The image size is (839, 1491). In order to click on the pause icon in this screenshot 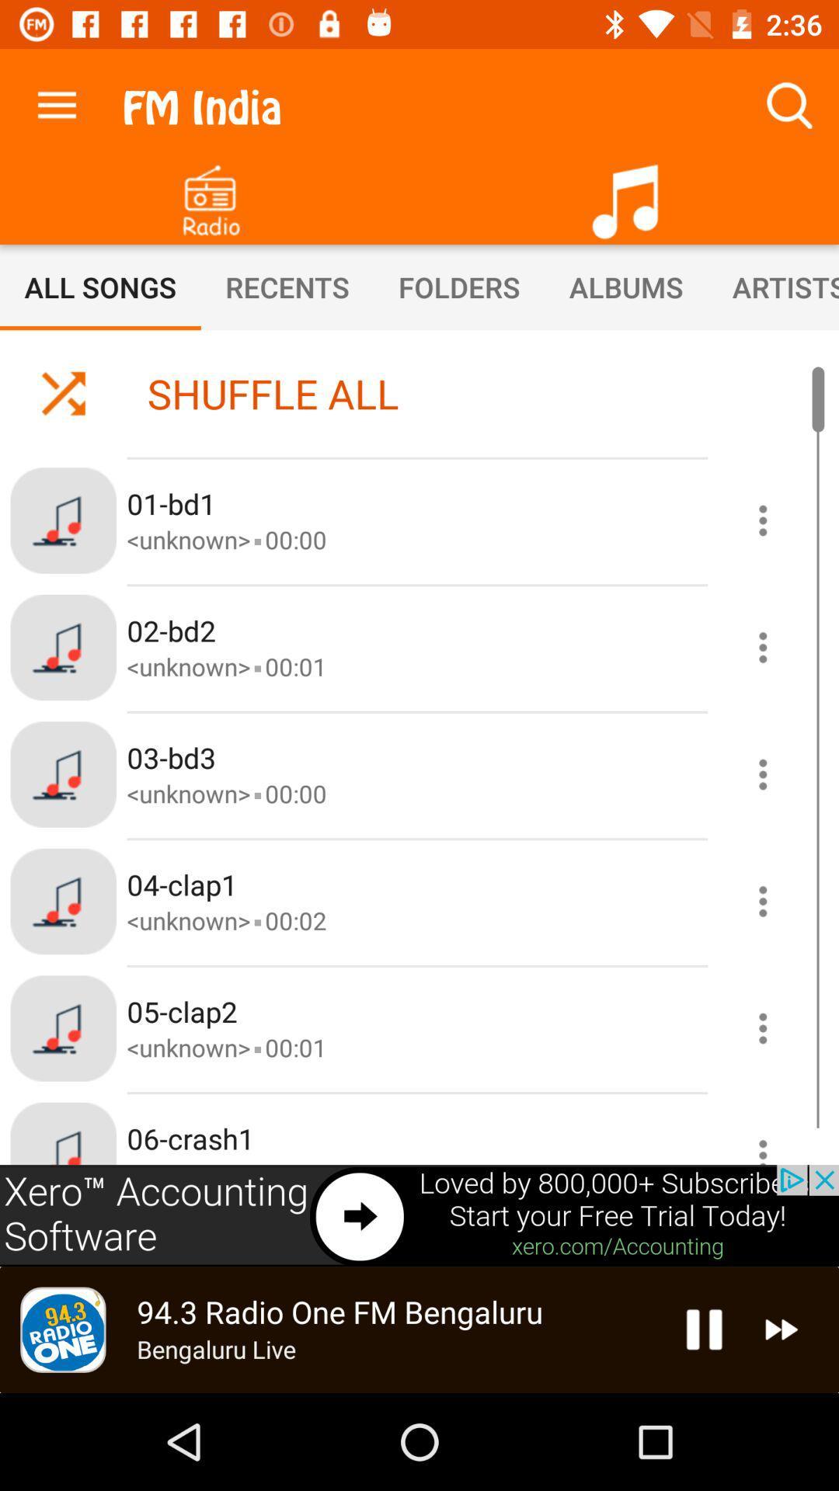, I will do `click(704, 1329)`.